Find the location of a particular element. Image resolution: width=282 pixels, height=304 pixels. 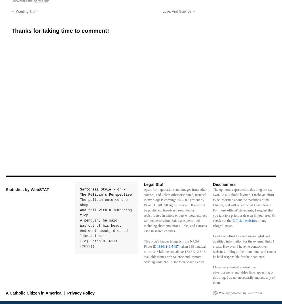

'Legal Stuff' is located at coordinates (154, 184).